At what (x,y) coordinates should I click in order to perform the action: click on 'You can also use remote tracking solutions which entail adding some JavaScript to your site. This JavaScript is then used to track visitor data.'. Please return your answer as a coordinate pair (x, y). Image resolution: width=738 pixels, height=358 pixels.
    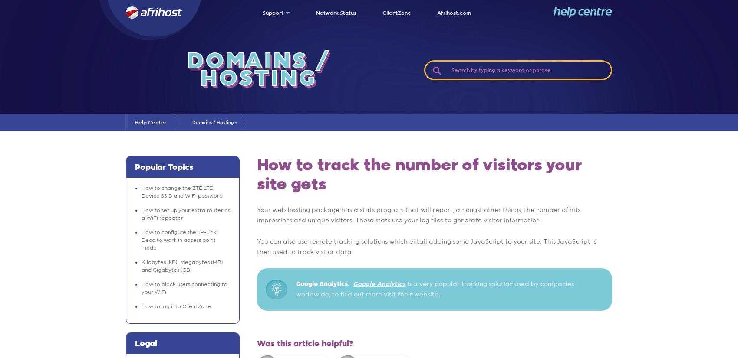
    Looking at the image, I should click on (426, 247).